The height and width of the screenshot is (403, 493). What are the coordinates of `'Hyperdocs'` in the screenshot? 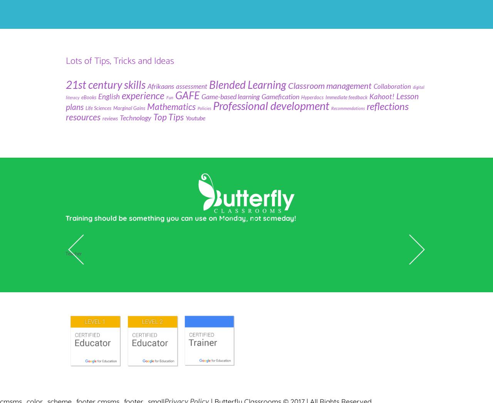 It's located at (312, 97).